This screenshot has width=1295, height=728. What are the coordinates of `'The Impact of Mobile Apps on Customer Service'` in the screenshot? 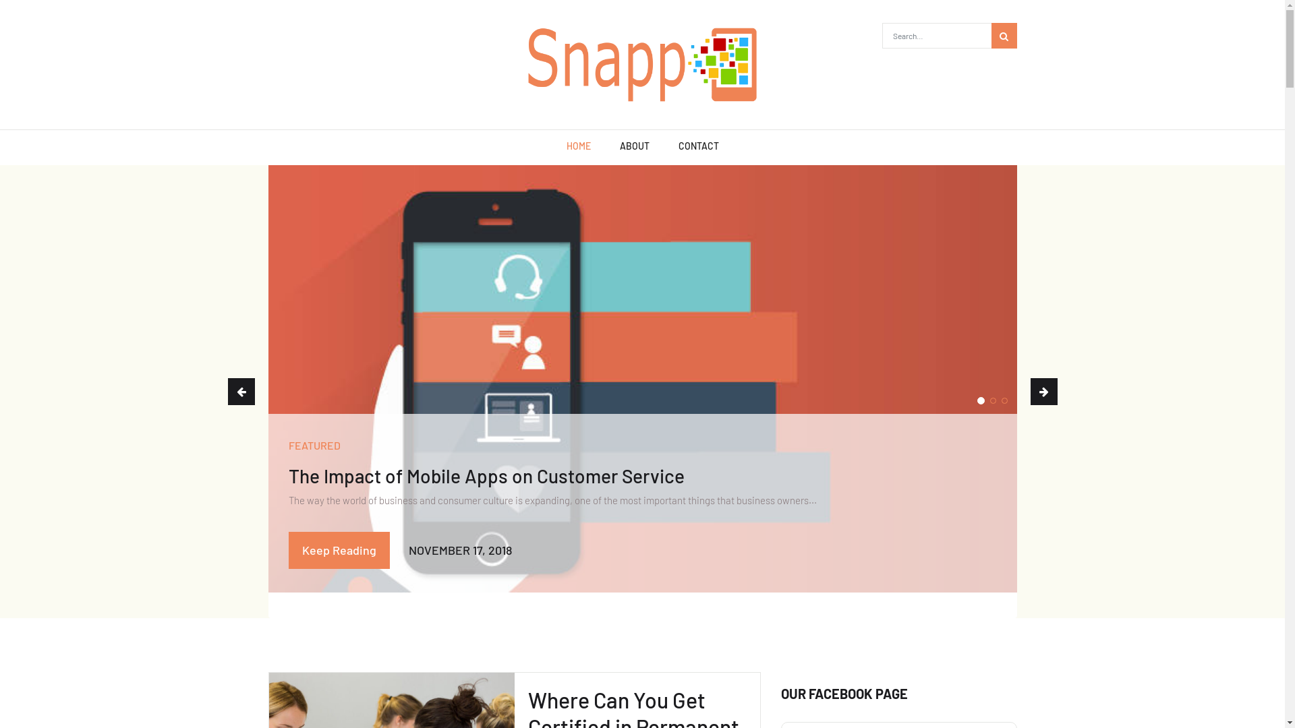 It's located at (486, 475).